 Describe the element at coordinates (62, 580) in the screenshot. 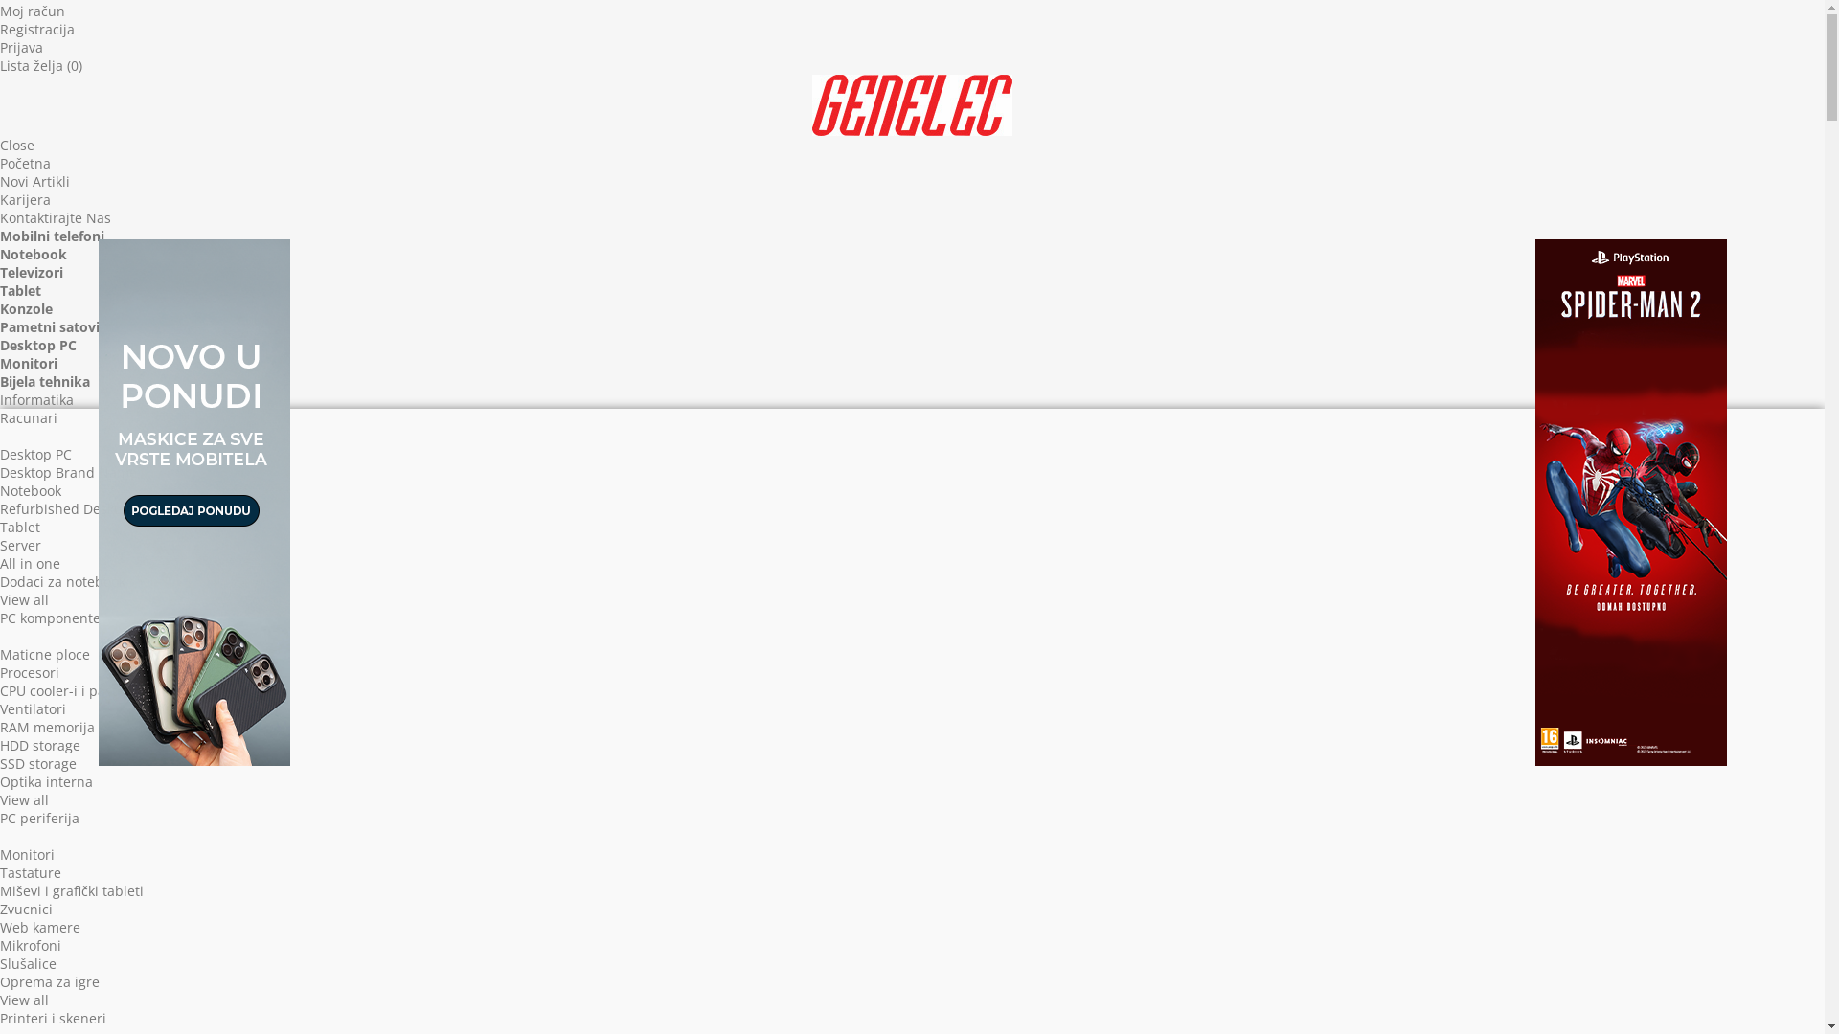

I see `'Dodaci za notebook'` at that location.